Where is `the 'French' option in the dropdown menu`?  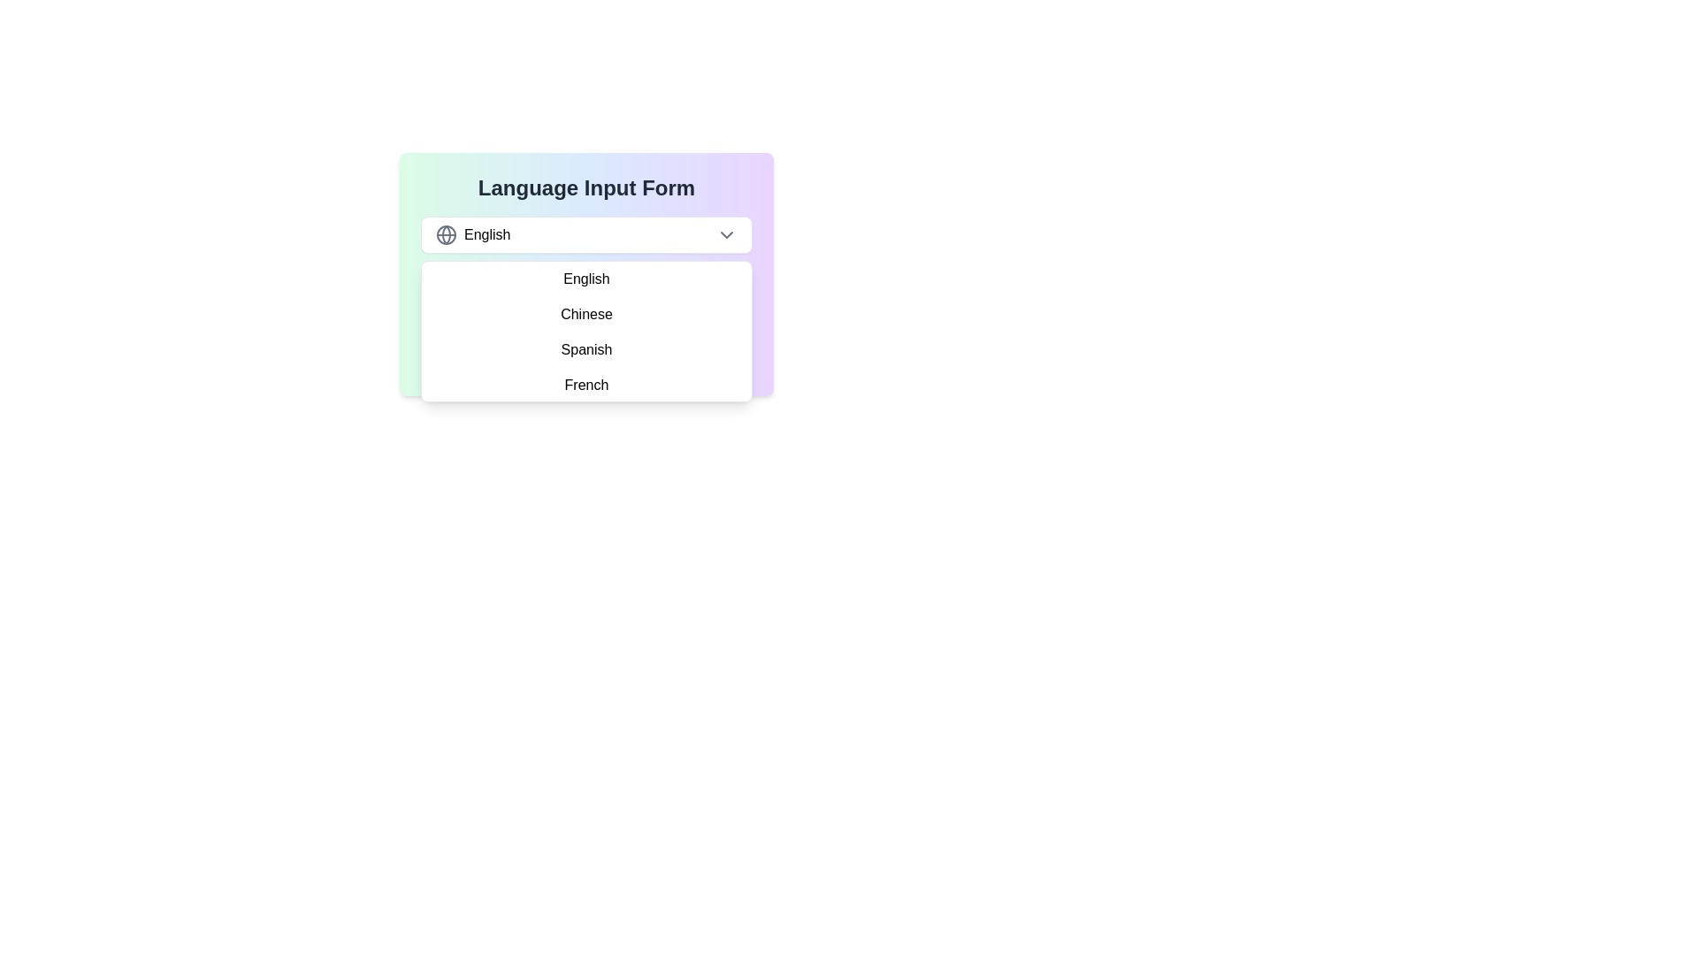 the 'French' option in the dropdown menu is located at coordinates (586, 384).